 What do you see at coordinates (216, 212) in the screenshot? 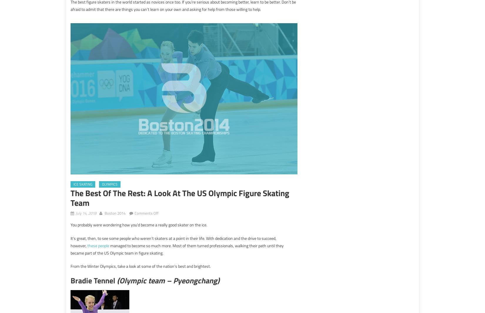
I see `'on The Best of the Rest: A Look at the US Olympic Figure Skating Team'` at bounding box center [216, 212].